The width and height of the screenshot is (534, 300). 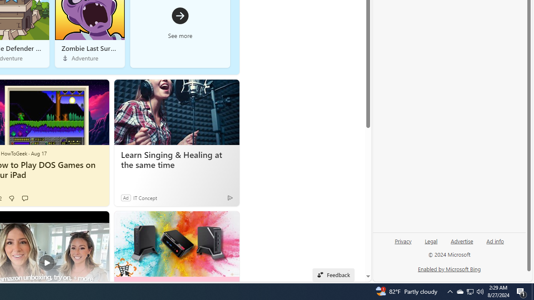 I want to click on 'Ad Choice', so click(x=230, y=197).